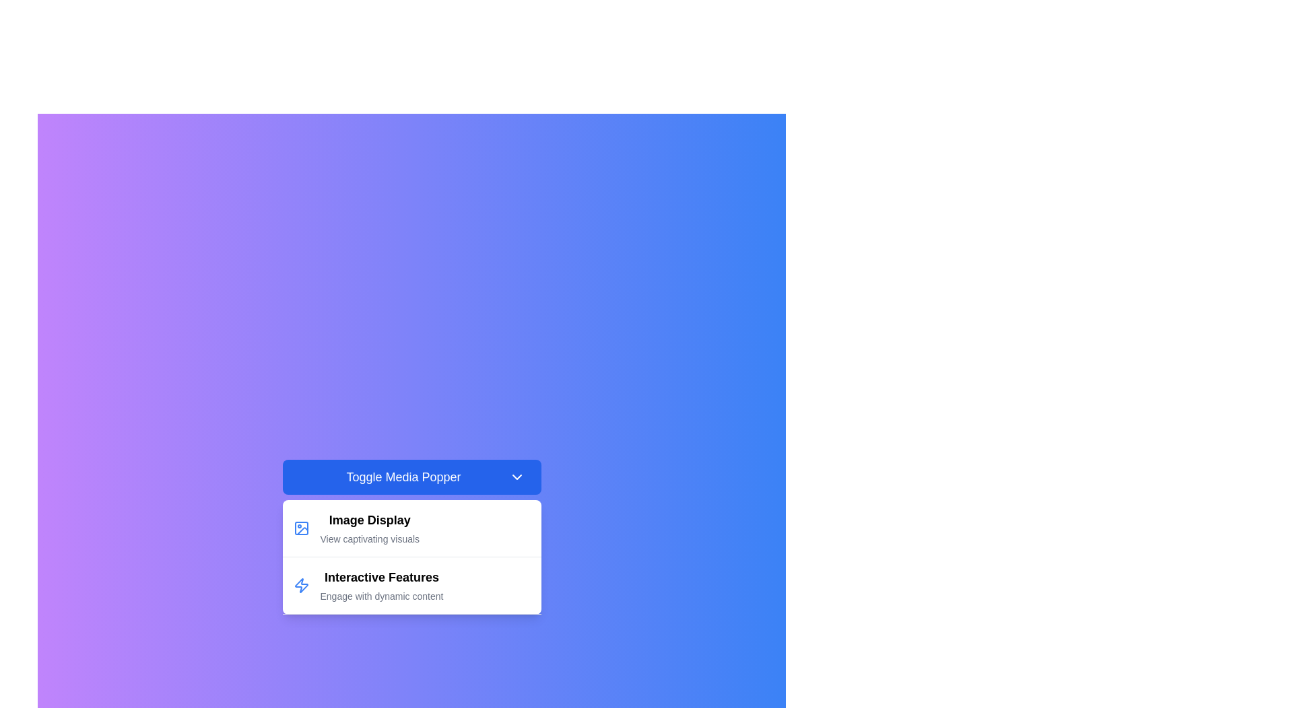 This screenshot has height=727, width=1293. Describe the element at coordinates (300, 585) in the screenshot. I see `the decorative icon associated with the 'Interactive Features' menu item, which is the second option under 'Toggle Media Popper'` at that location.